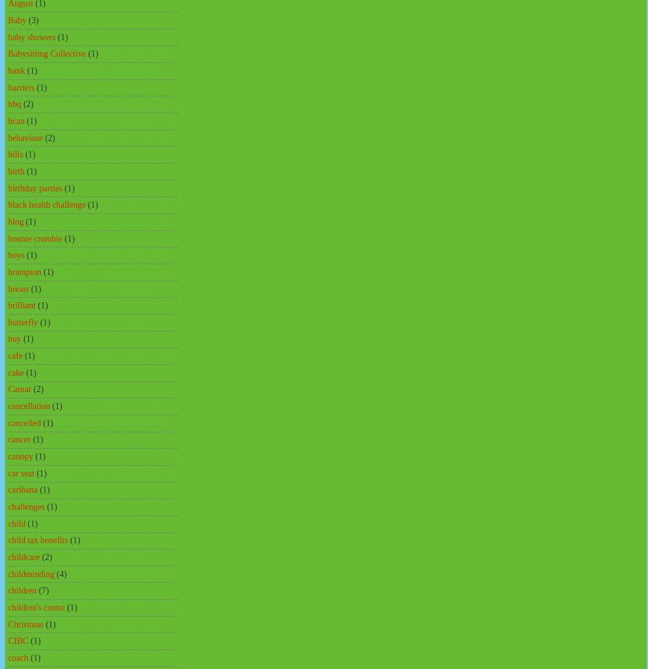 This screenshot has height=669, width=648. What do you see at coordinates (20, 439) in the screenshot?
I see `'cancer'` at bounding box center [20, 439].